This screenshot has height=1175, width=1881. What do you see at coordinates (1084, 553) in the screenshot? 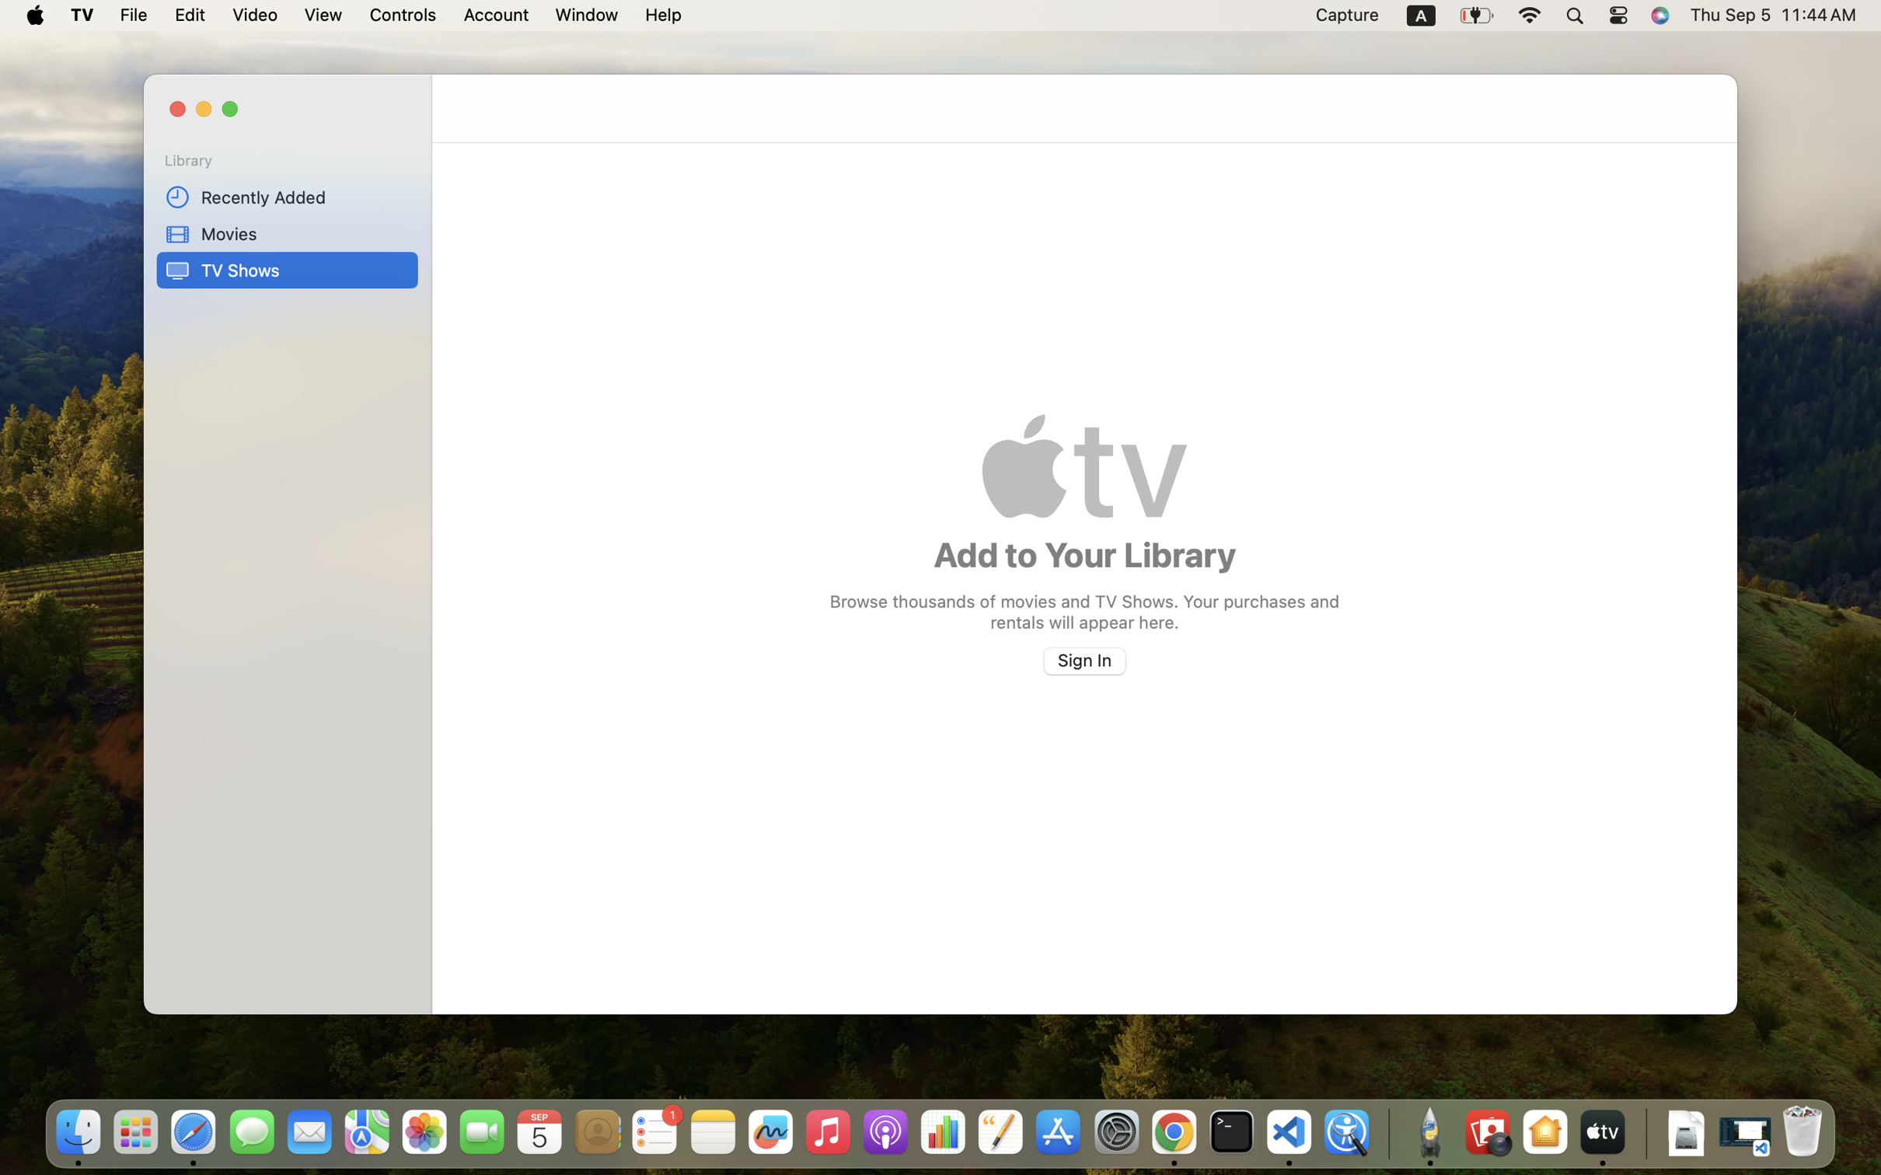
I see `'Add to Your Library'` at bounding box center [1084, 553].